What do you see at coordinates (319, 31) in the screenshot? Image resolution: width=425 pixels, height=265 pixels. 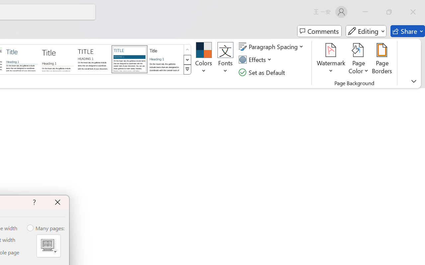 I see `'Comments'` at bounding box center [319, 31].